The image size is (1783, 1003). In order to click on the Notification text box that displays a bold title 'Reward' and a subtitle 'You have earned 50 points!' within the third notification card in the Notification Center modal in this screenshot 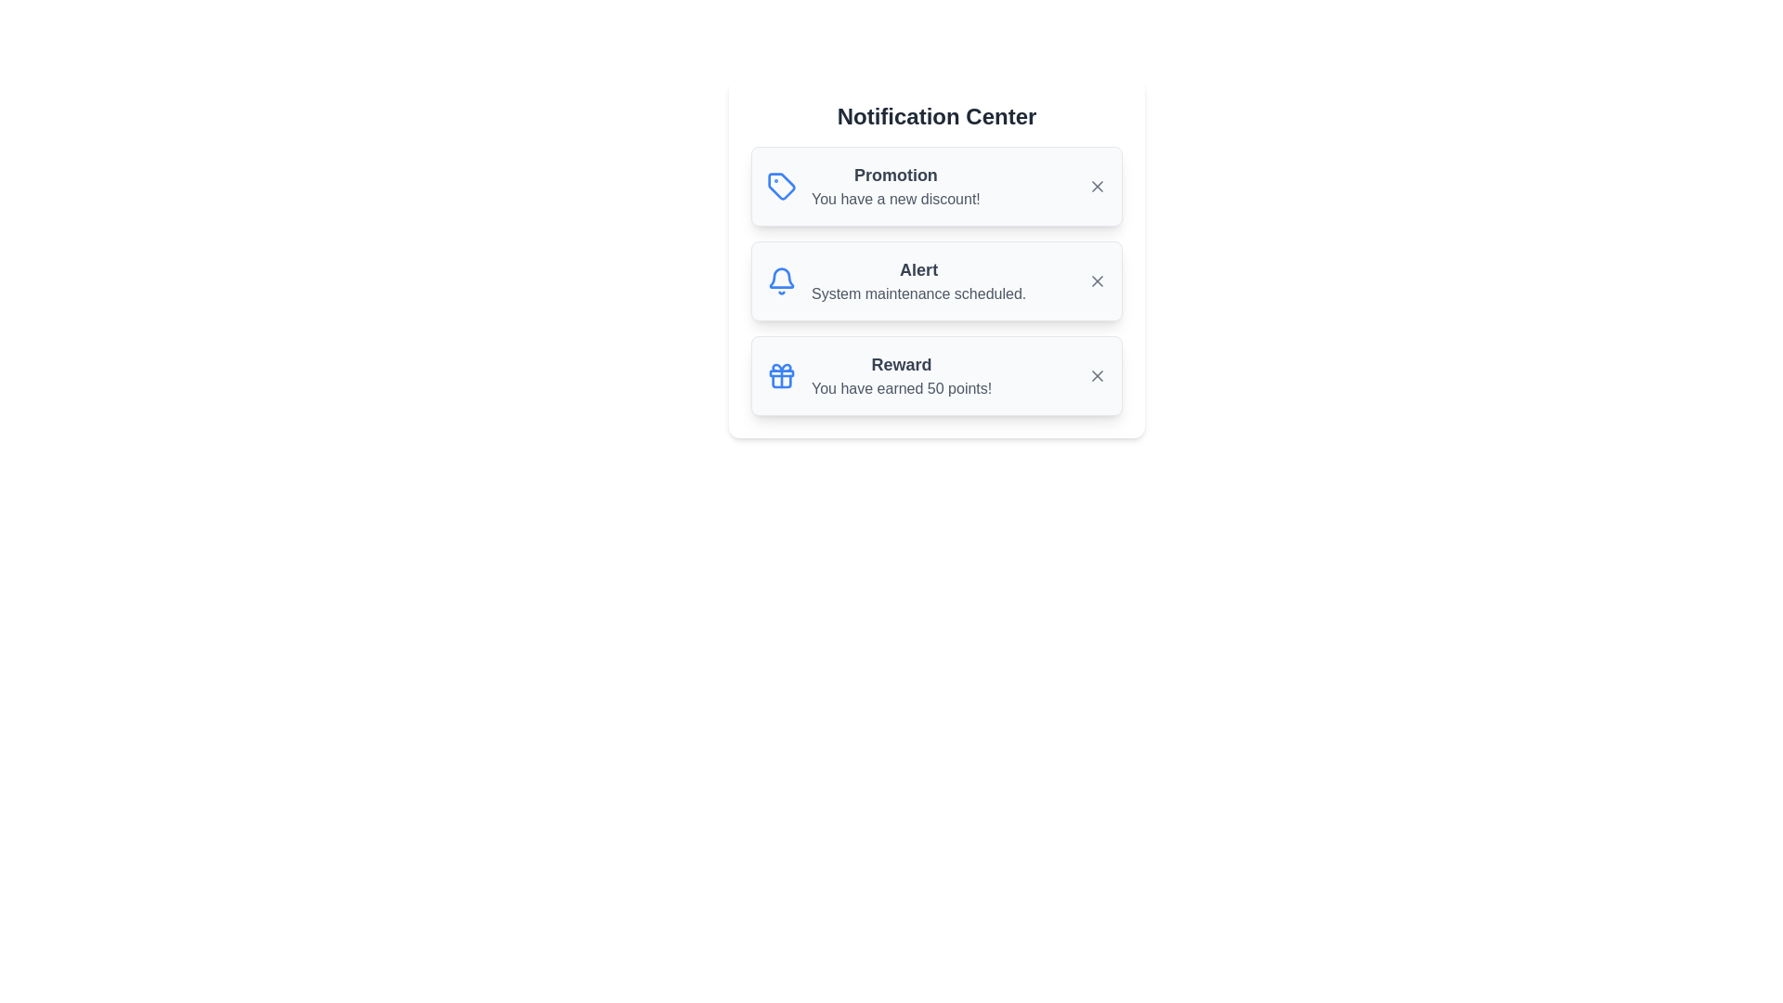, I will do `click(902, 376)`.